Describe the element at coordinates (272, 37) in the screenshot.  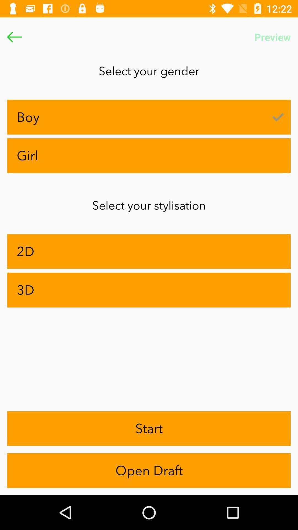
I see `icon above select your gender app` at that location.